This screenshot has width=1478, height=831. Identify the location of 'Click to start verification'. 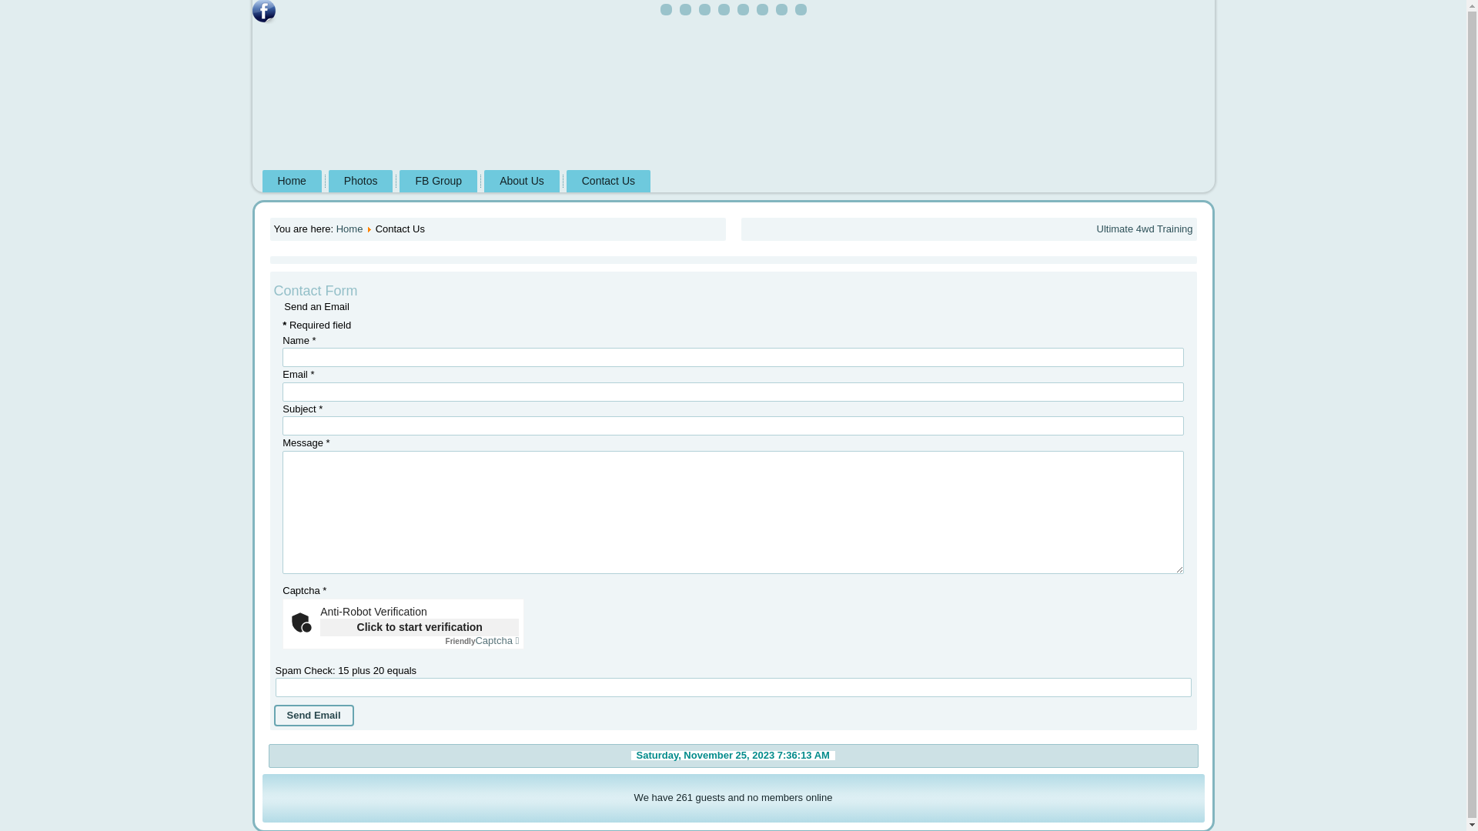
(420, 627).